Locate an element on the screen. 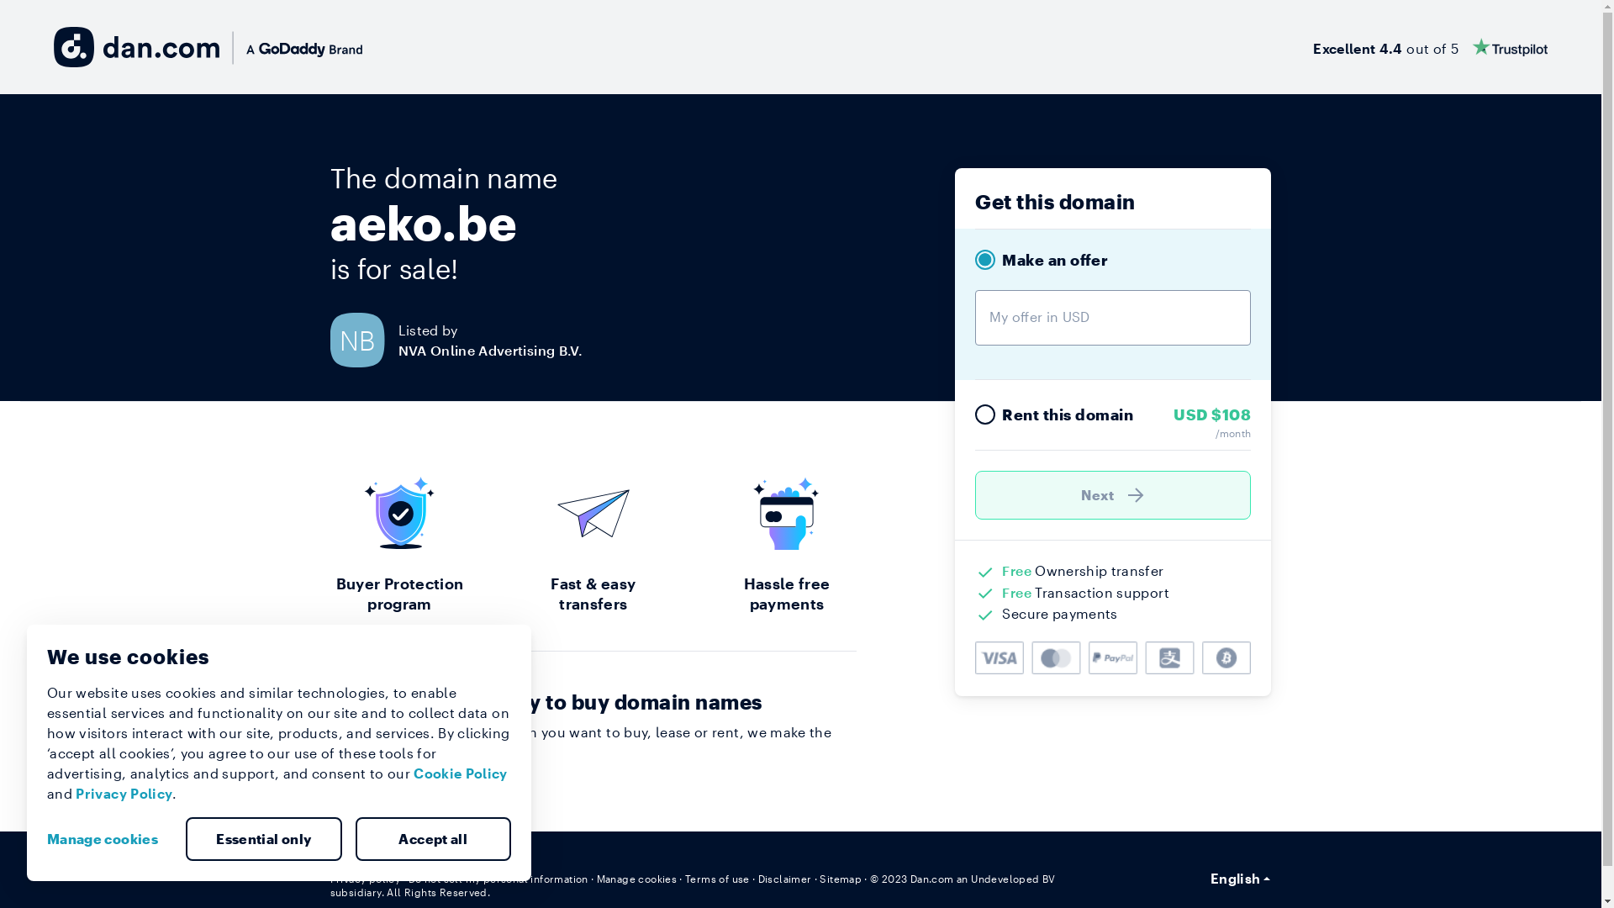 This screenshot has width=1614, height=908. 'Accept all' is located at coordinates (432, 839).